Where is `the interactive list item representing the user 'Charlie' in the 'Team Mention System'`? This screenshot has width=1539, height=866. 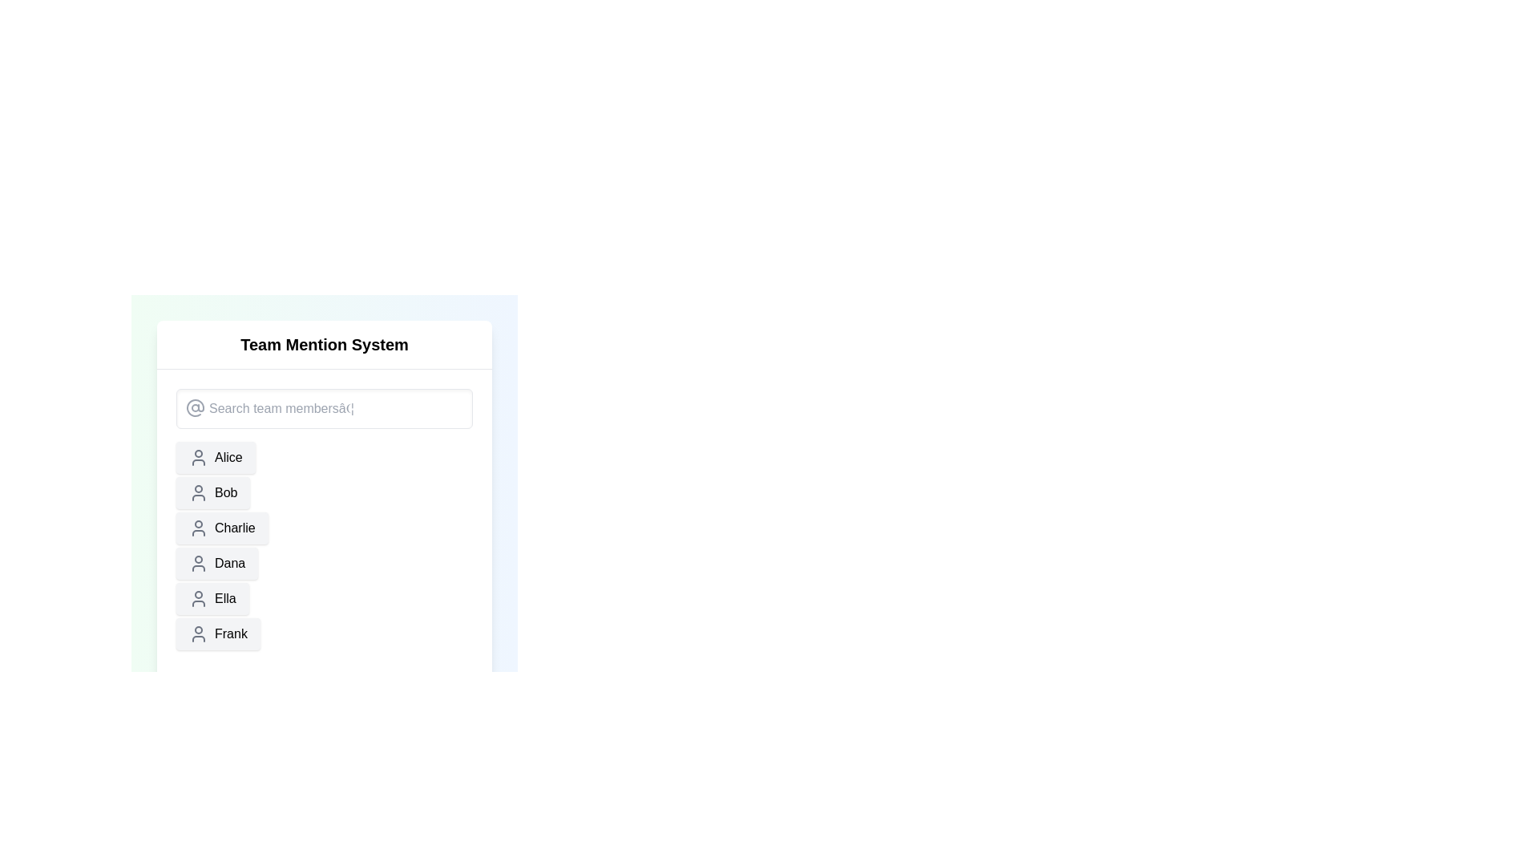 the interactive list item representing the user 'Charlie' in the 'Team Mention System' is located at coordinates (221, 528).